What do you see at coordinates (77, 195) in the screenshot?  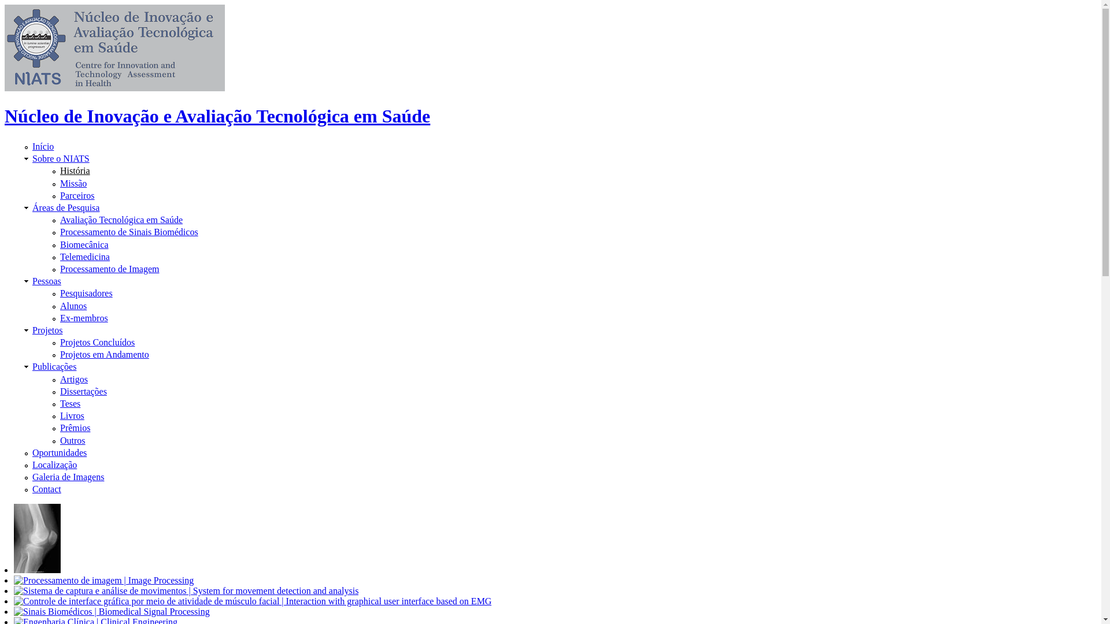 I see `'Parceiros'` at bounding box center [77, 195].